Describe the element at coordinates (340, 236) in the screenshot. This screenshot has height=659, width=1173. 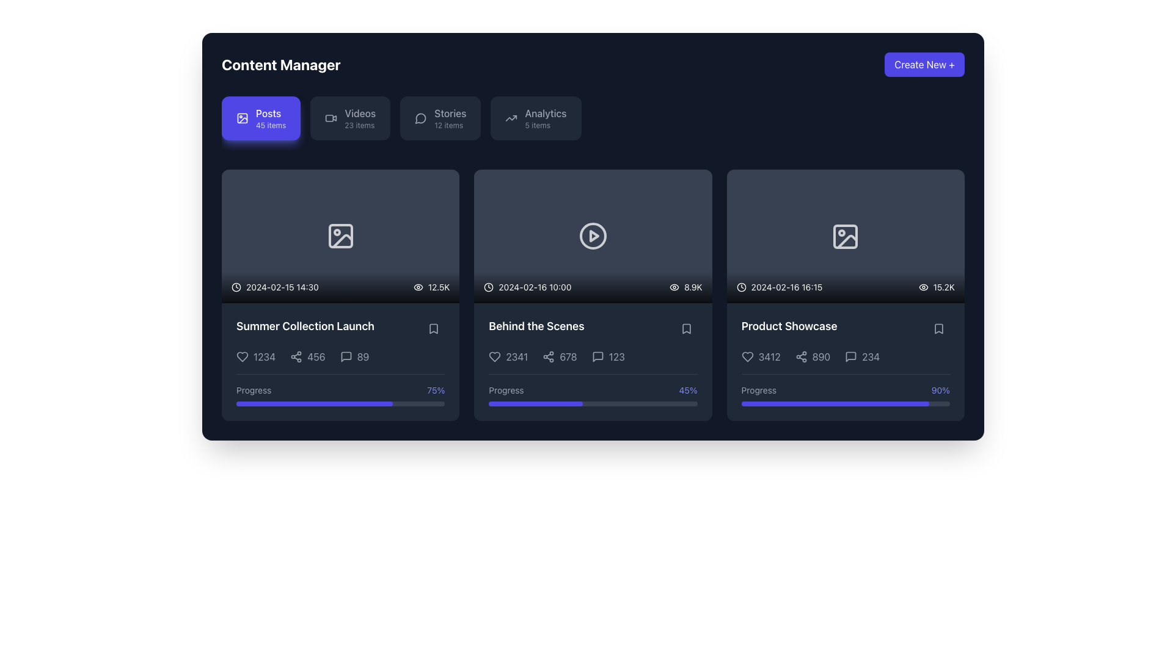
I see `the SVG-based decorative element located in the top-left of the middle card within the 'Behind the Scenes' content card heading section` at that location.